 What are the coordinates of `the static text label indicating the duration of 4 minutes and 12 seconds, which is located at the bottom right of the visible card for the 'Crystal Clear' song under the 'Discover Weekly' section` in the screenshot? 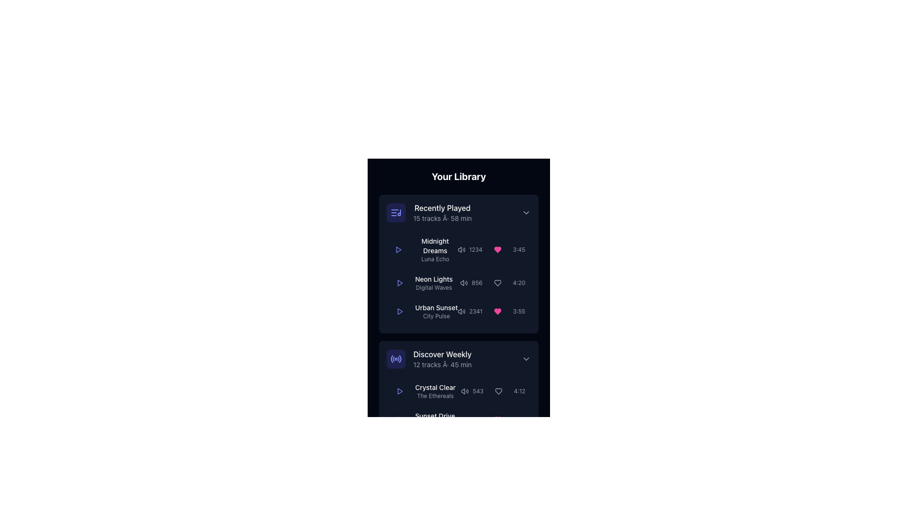 It's located at (519, 391).